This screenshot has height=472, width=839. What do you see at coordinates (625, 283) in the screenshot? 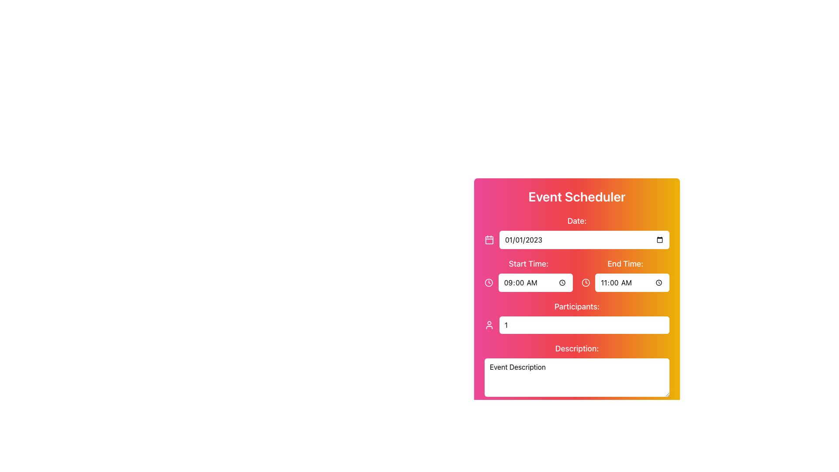
I see `to select the time in the Time Input Field under the label 'End Time:' in the 'Event Scheduler' form` at bounding box center [625, 283].